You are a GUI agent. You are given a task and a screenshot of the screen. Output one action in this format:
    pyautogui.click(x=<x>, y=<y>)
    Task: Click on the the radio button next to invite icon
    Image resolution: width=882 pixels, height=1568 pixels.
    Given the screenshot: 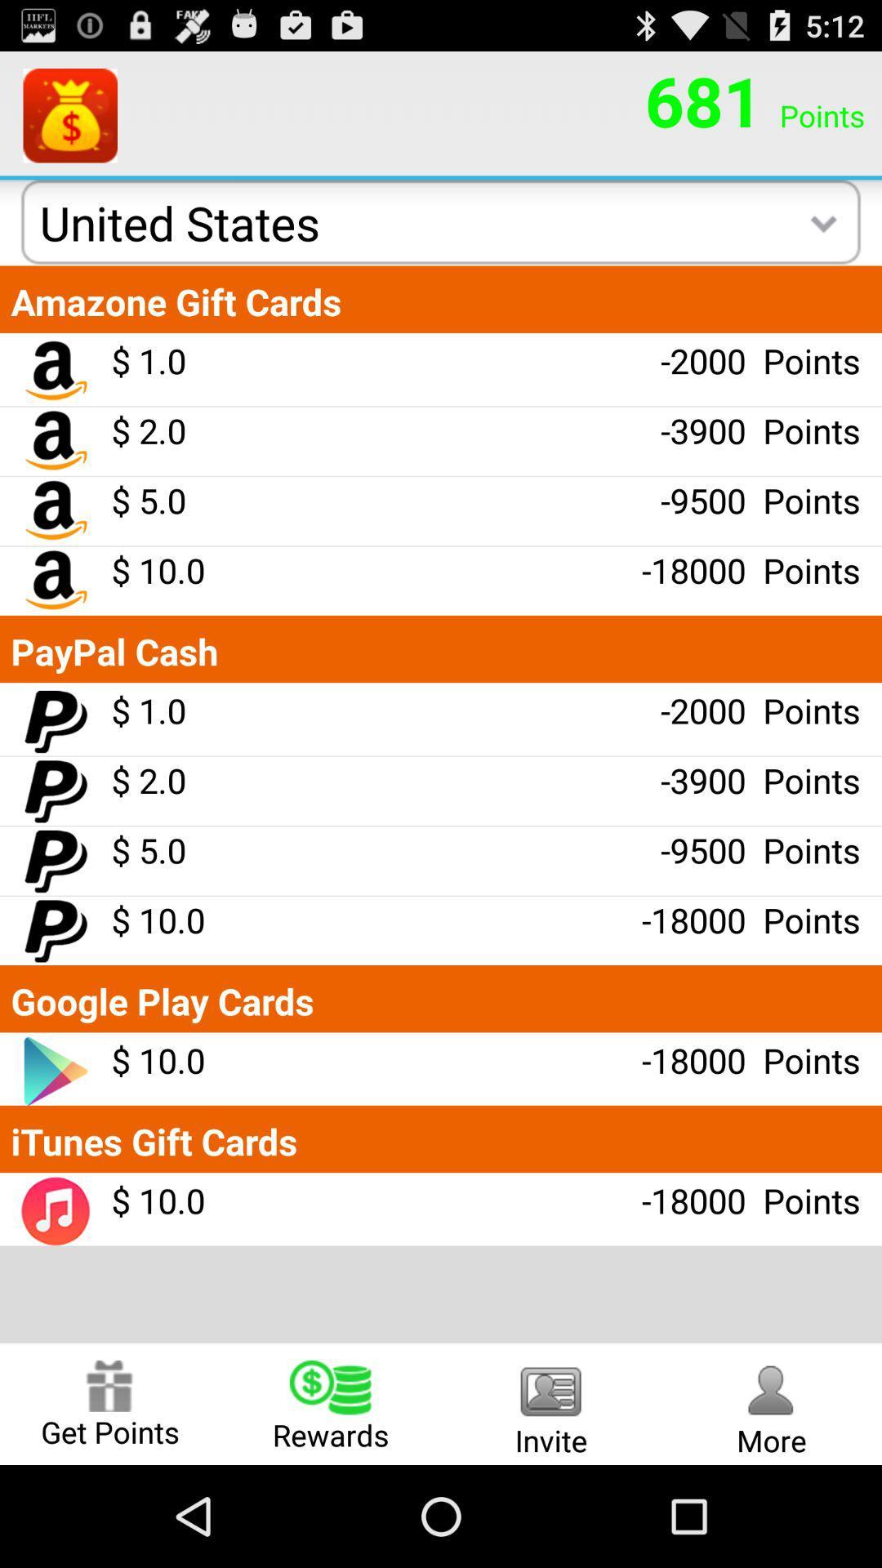 What is the action you would take?
    pyautogui.click(x=331, y=1403)
    